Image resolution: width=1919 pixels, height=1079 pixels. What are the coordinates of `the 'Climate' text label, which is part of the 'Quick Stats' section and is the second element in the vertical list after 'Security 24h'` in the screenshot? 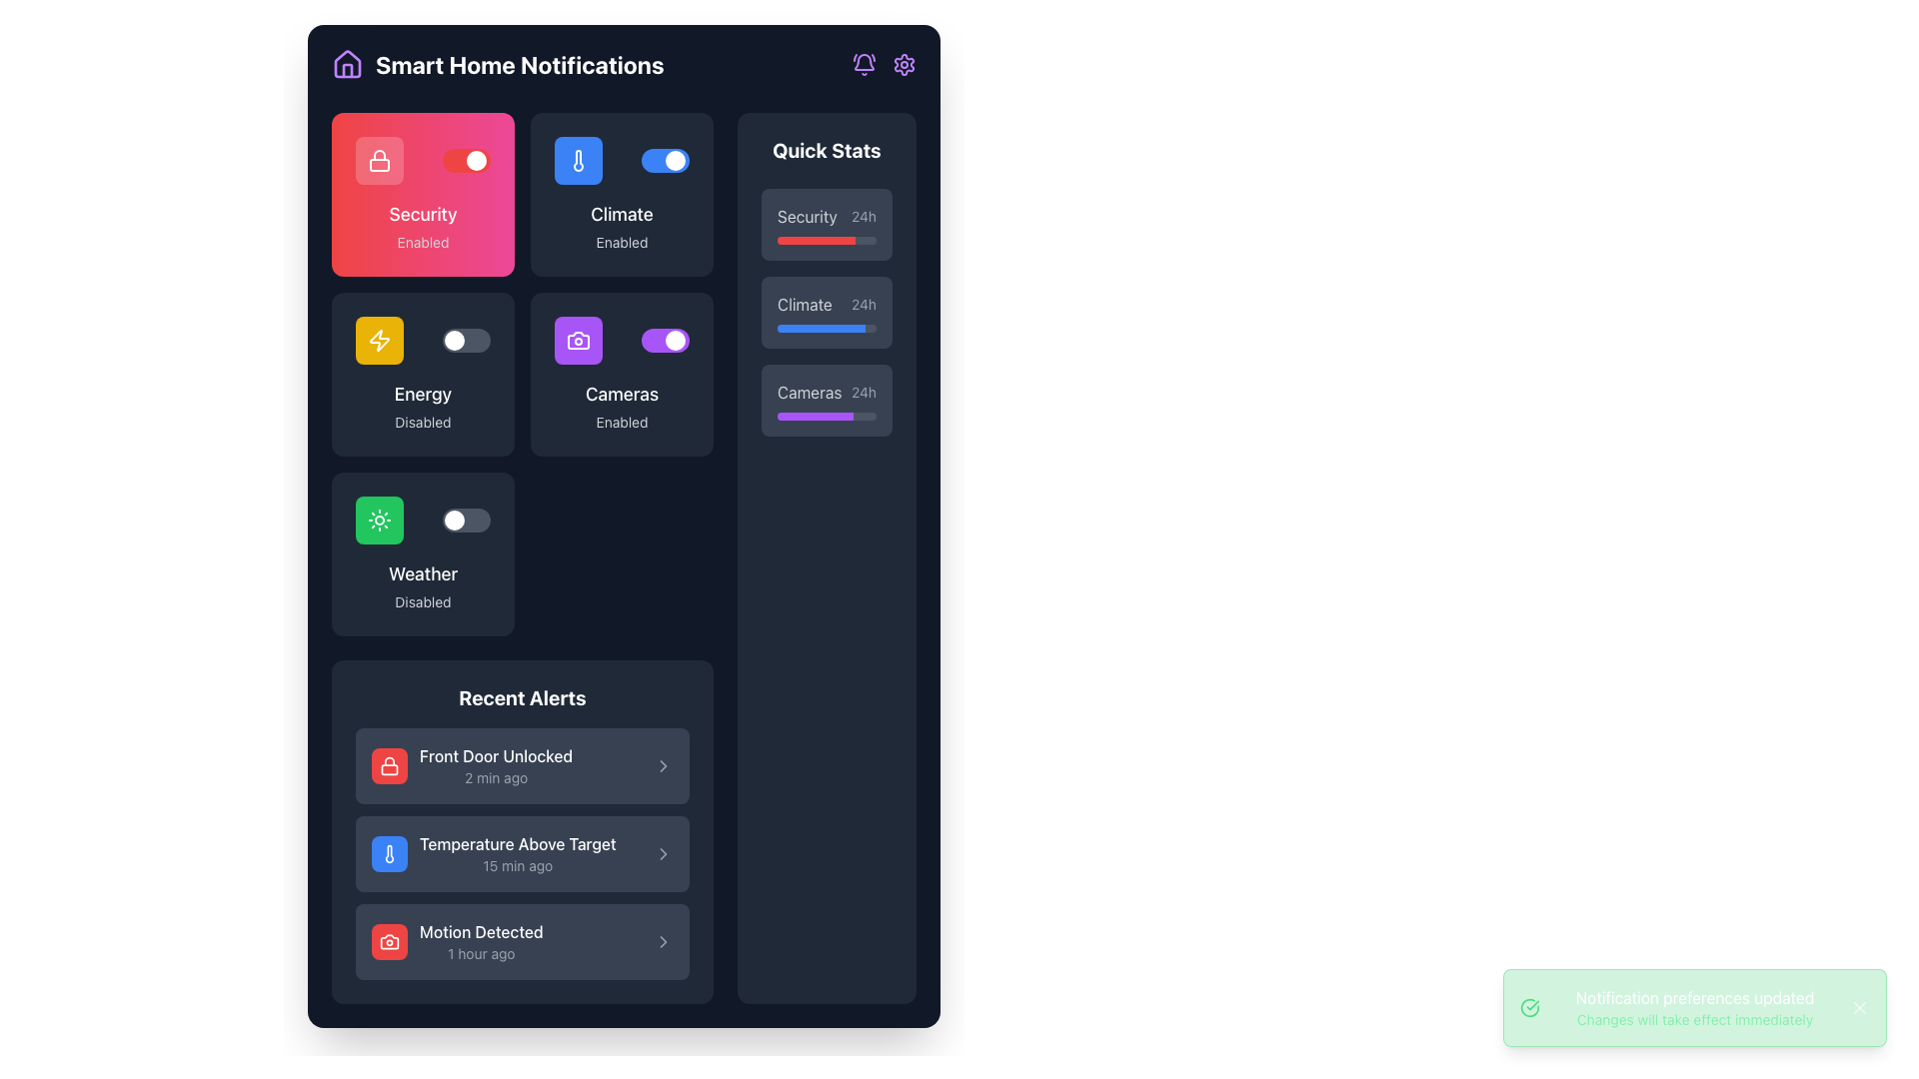 It's located at (827, 304).